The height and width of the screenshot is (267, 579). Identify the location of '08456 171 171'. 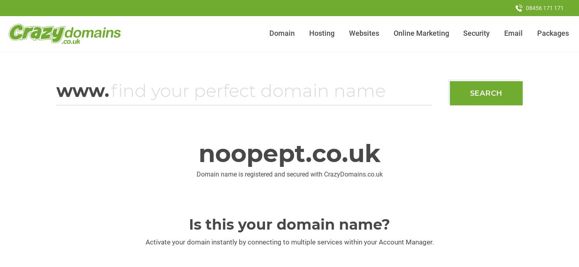
(526, 7).